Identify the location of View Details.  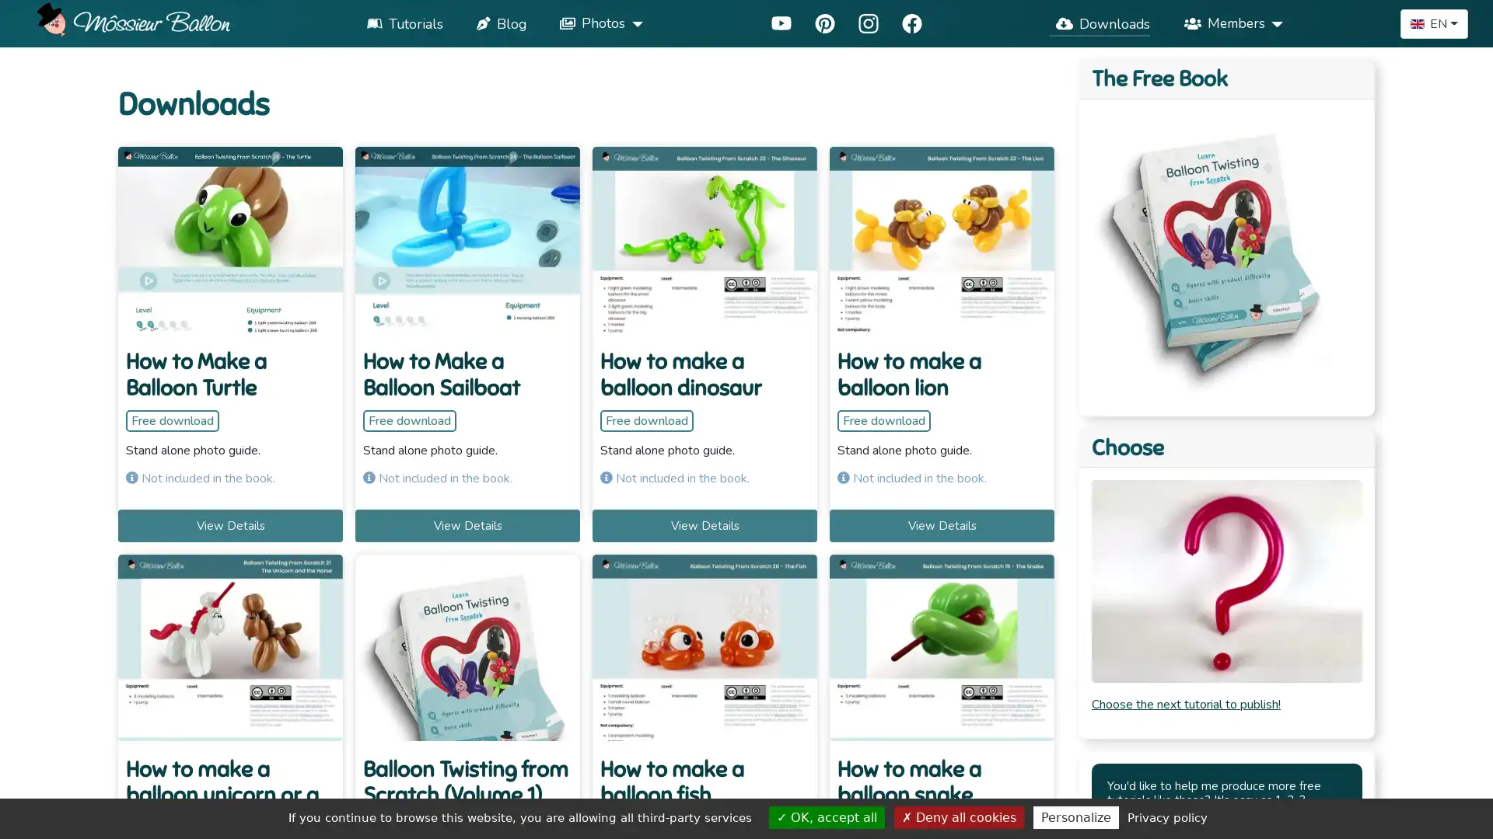
(229, 524).